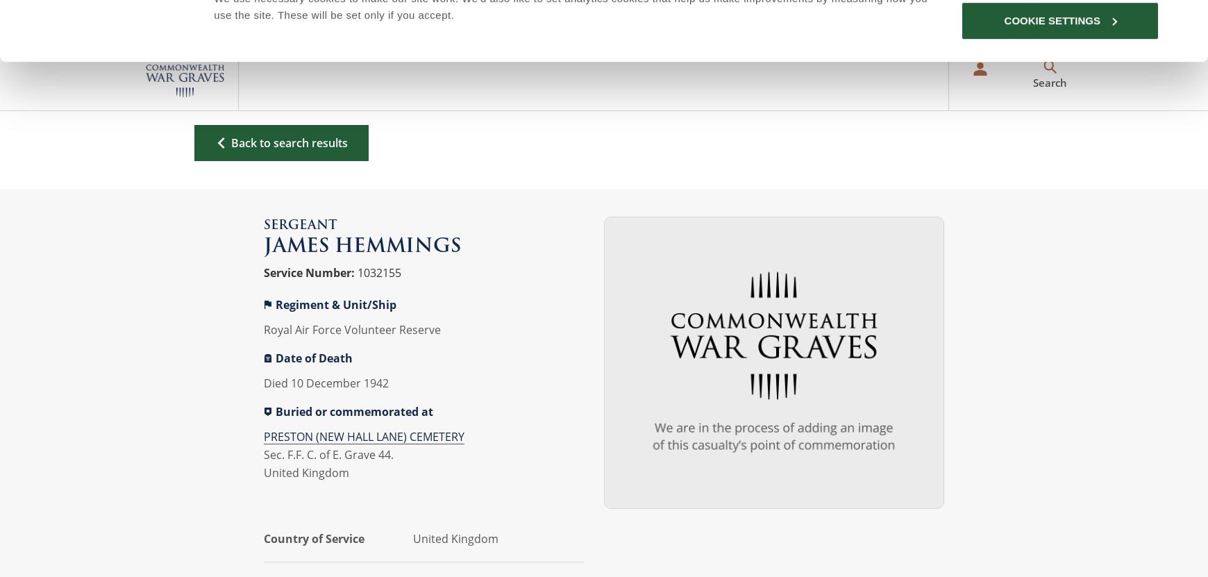 This screenshot has width=1208, height=577. What do you see at coordinates (313, 357) in the screenshot?
I see `'Date of Death'` at bounding box center [313, 357].